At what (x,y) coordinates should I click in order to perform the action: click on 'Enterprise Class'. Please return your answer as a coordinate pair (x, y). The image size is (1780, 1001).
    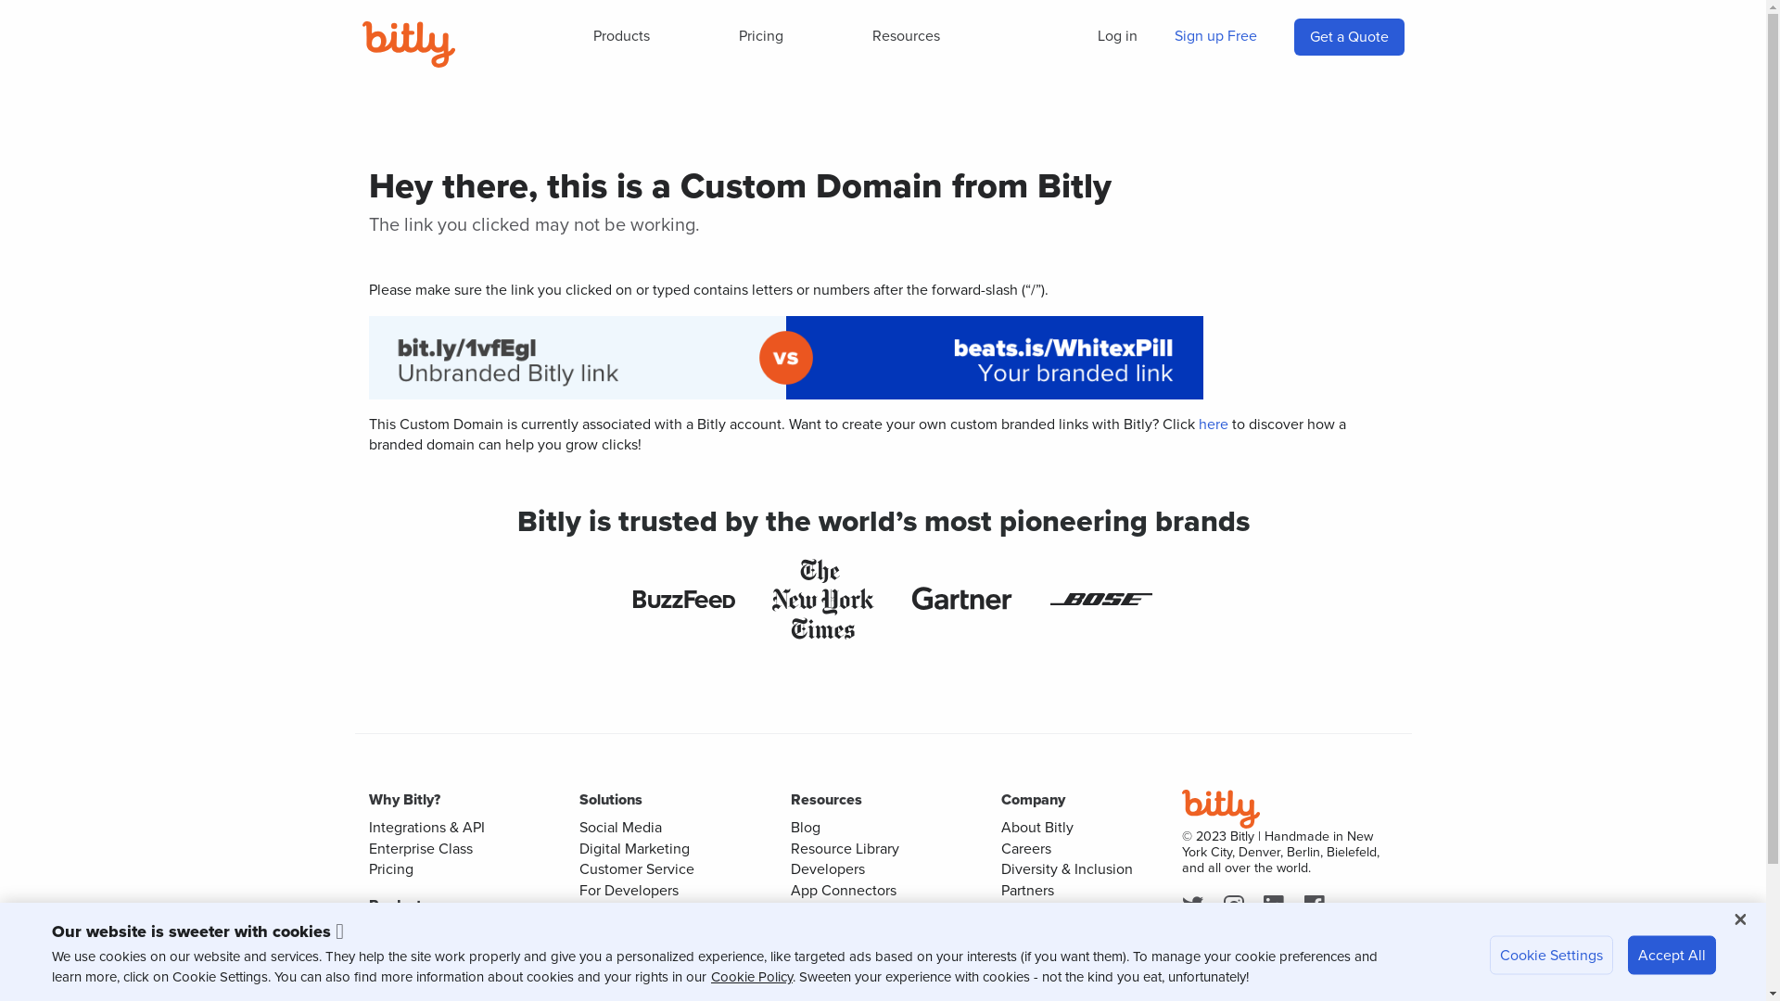
    Looking at the image, I should click on (420, 848).